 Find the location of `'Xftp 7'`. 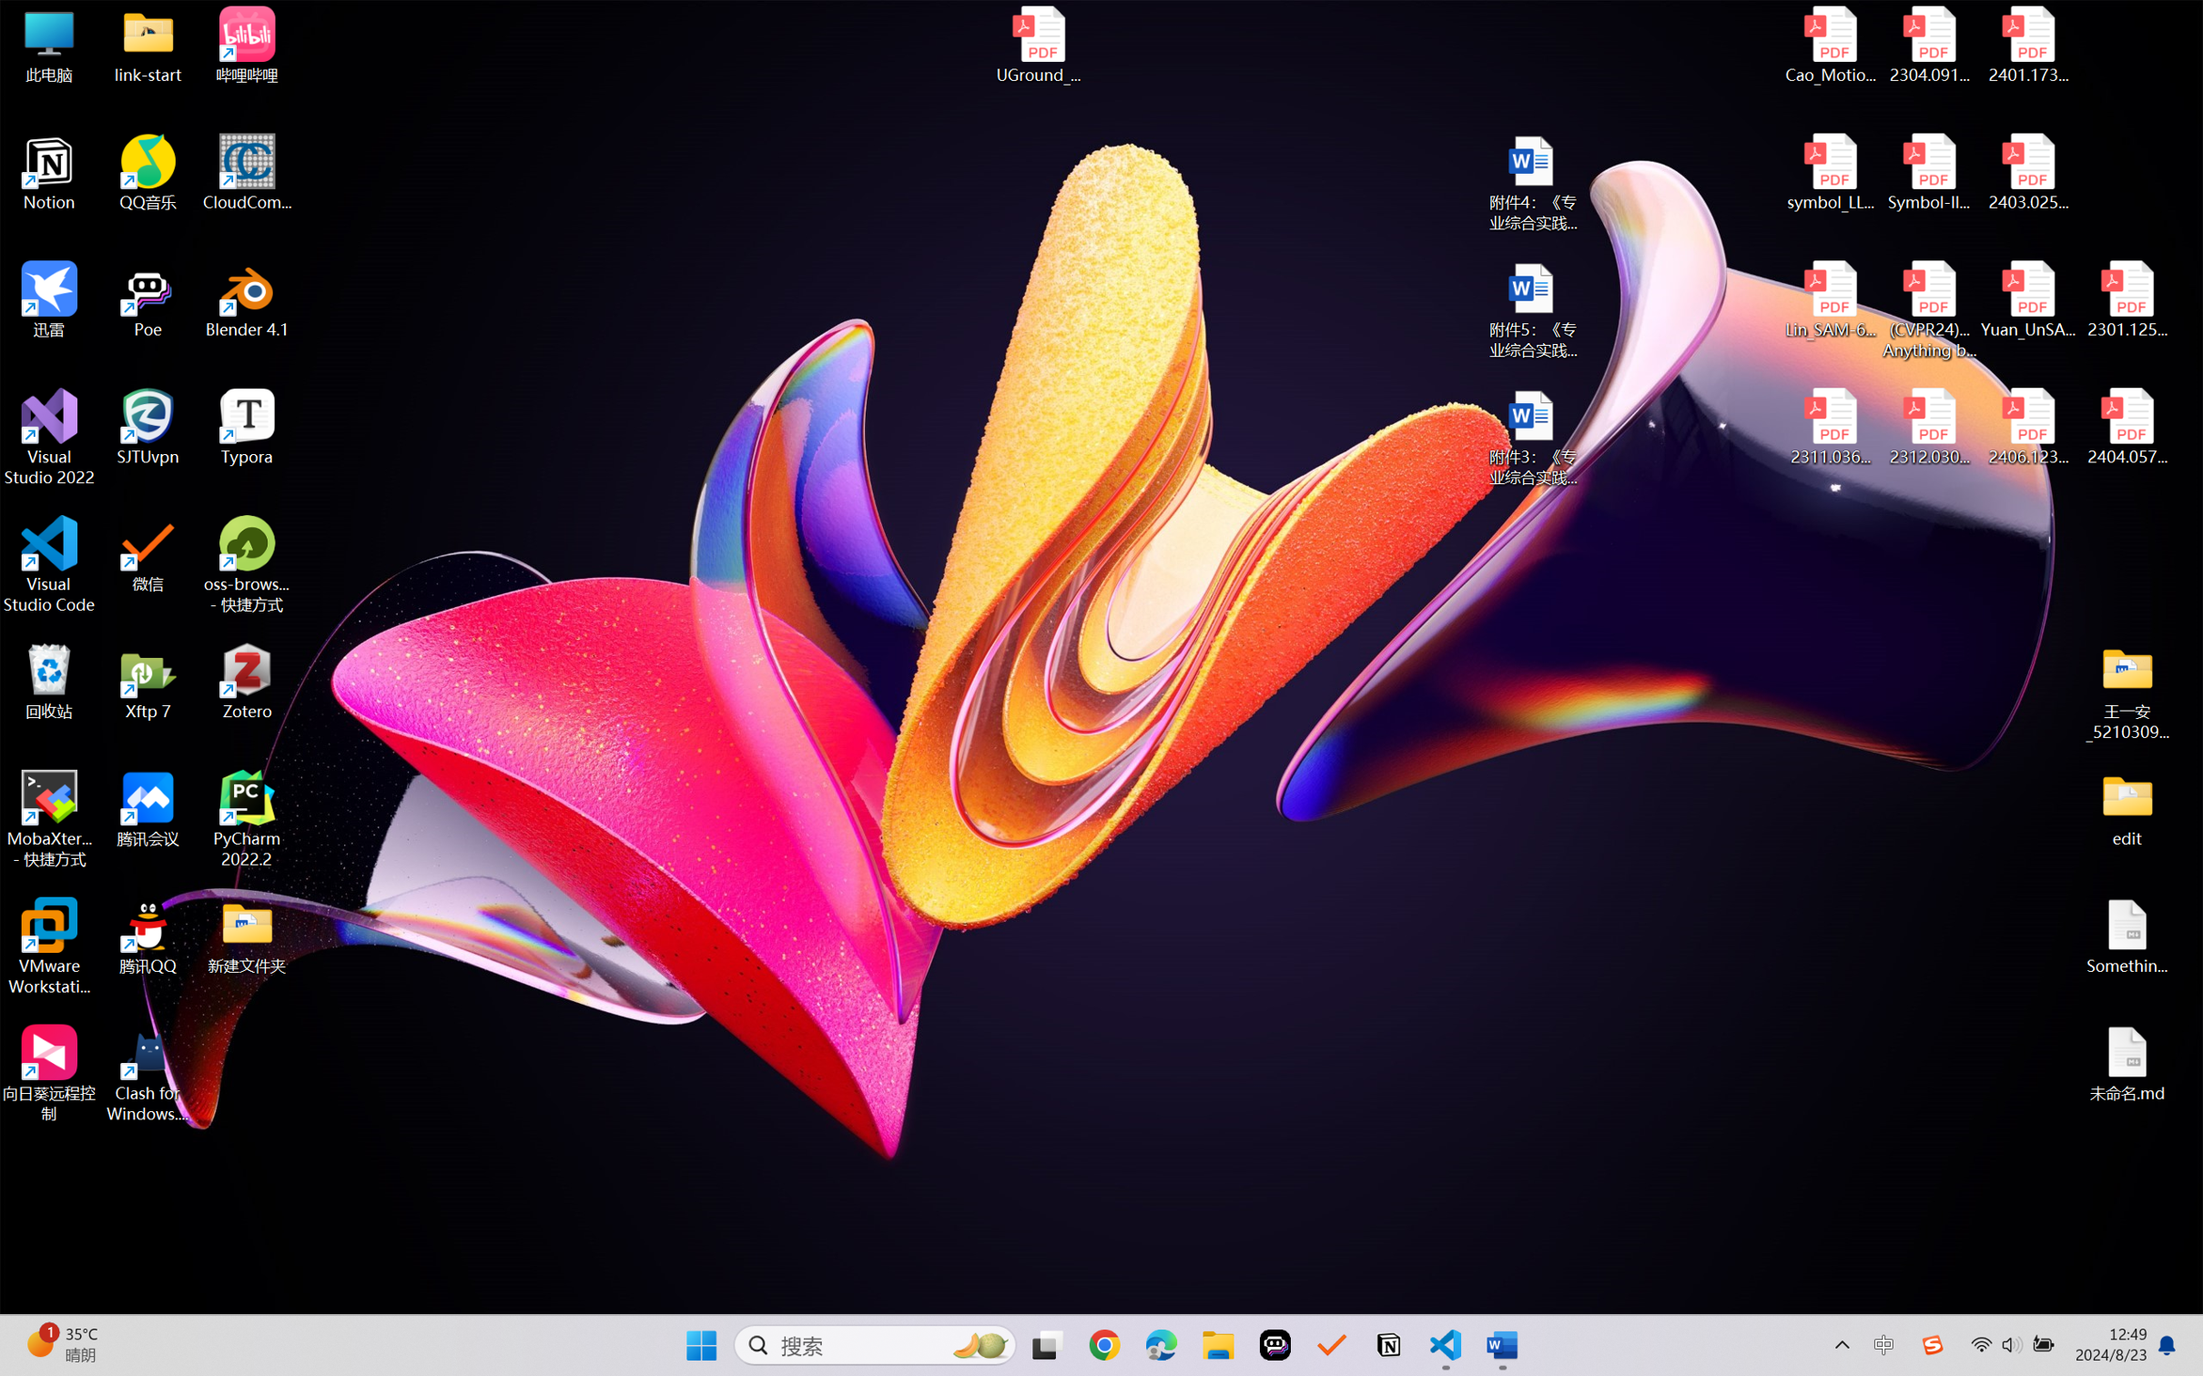

'Xftp 7' is located at coordinates (148, 681).